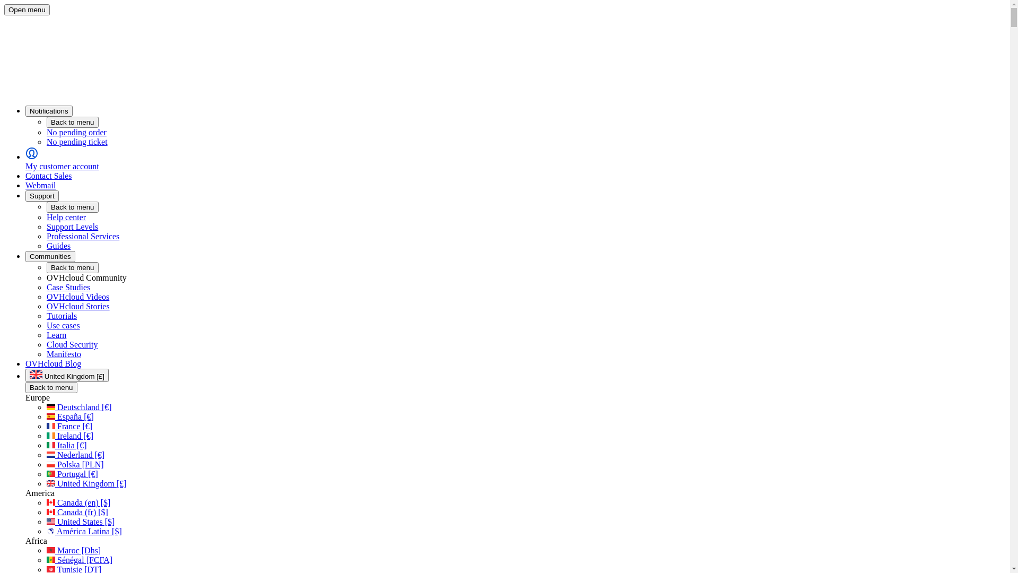 The height and width of the screenshot is (573, 1018). I want to click on 'Use cases', so click(63, 325).